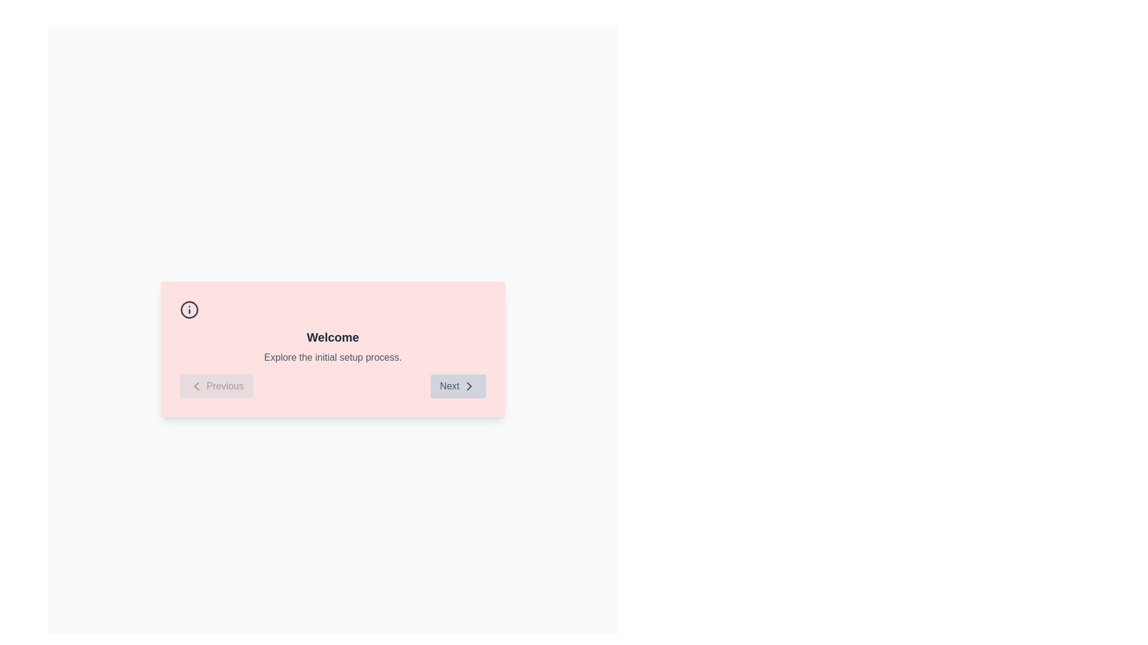 The height and width of the screenshot is (645, 1148). What do you see at coordinates (469, 386) in the screenshot?
I see `the rightward pointing arrow icon within the 'Next' button` at bounding box center [469, 386].